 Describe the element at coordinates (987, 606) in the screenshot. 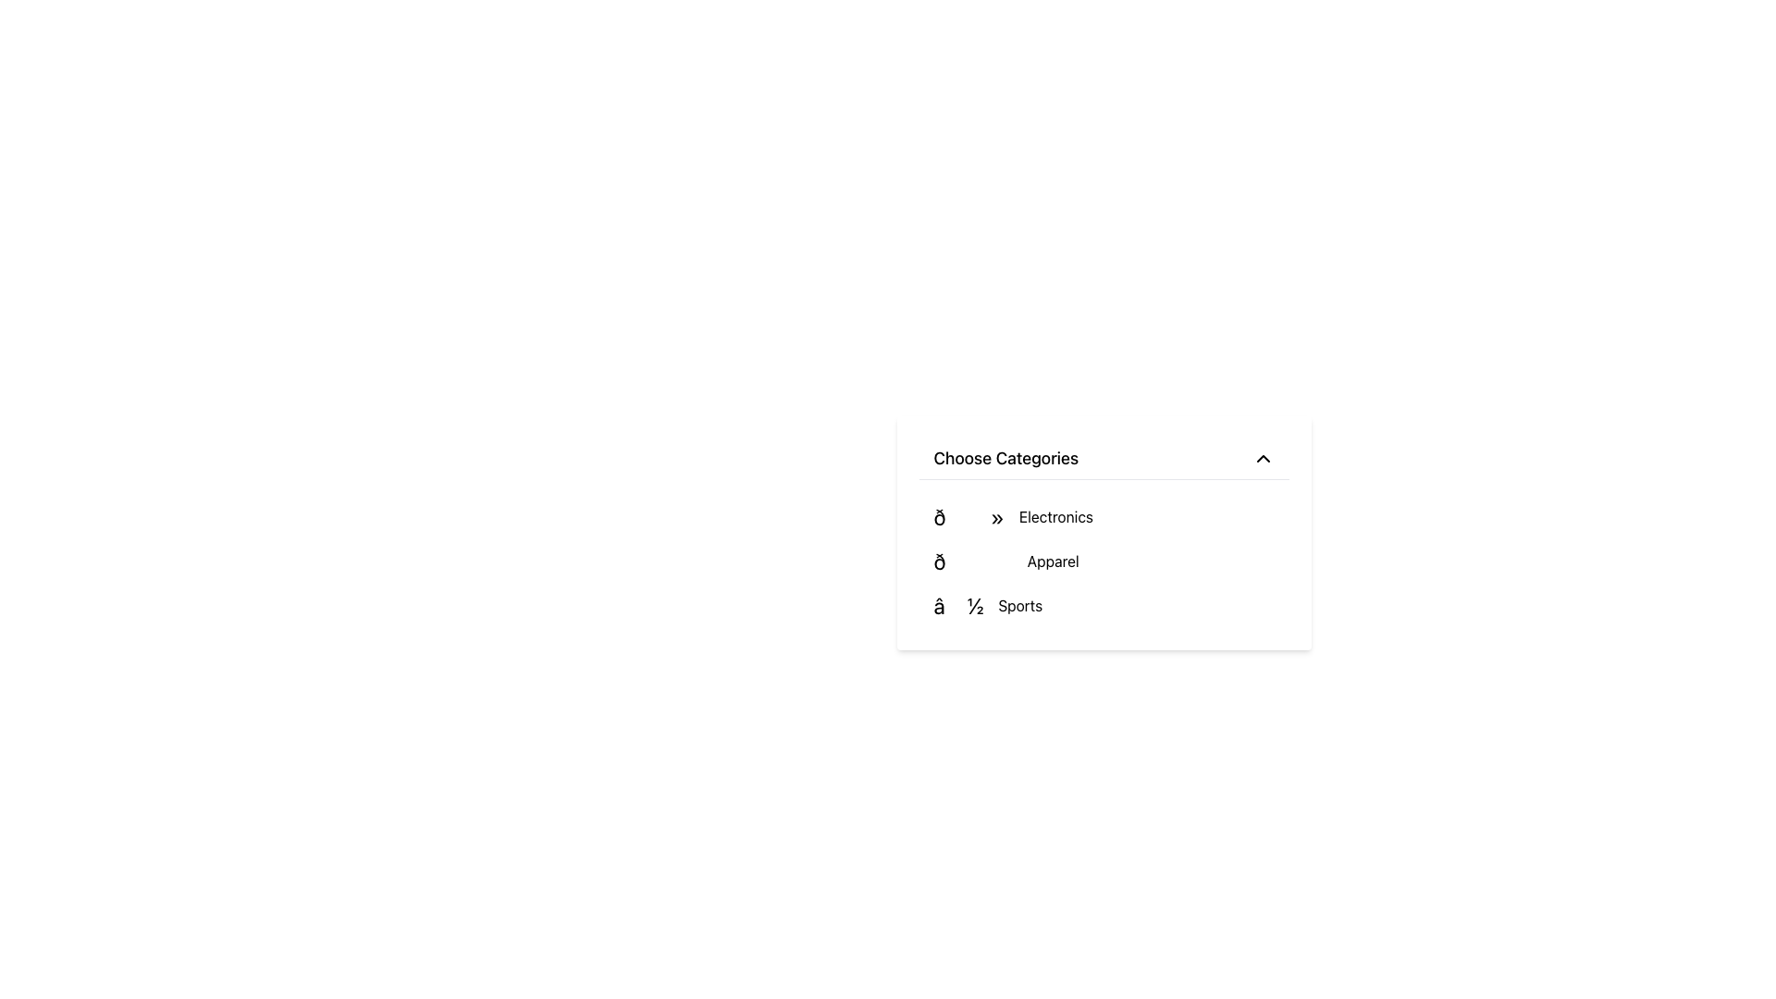

I see `the 'Sports' category list item located at the bottom of the 'Choose Categories' dropdown menu, right beneath the 'Apparel' option` at that location.